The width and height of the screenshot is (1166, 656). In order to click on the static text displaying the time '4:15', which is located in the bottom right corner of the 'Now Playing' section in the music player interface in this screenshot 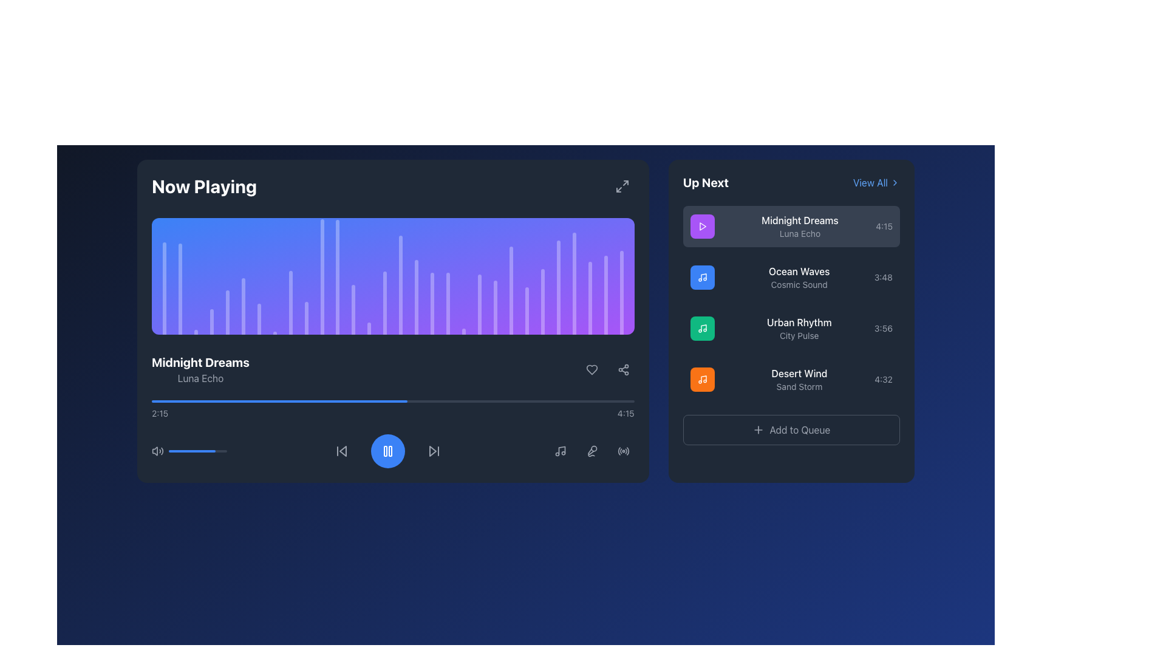, I will do `click(626, 413)`.